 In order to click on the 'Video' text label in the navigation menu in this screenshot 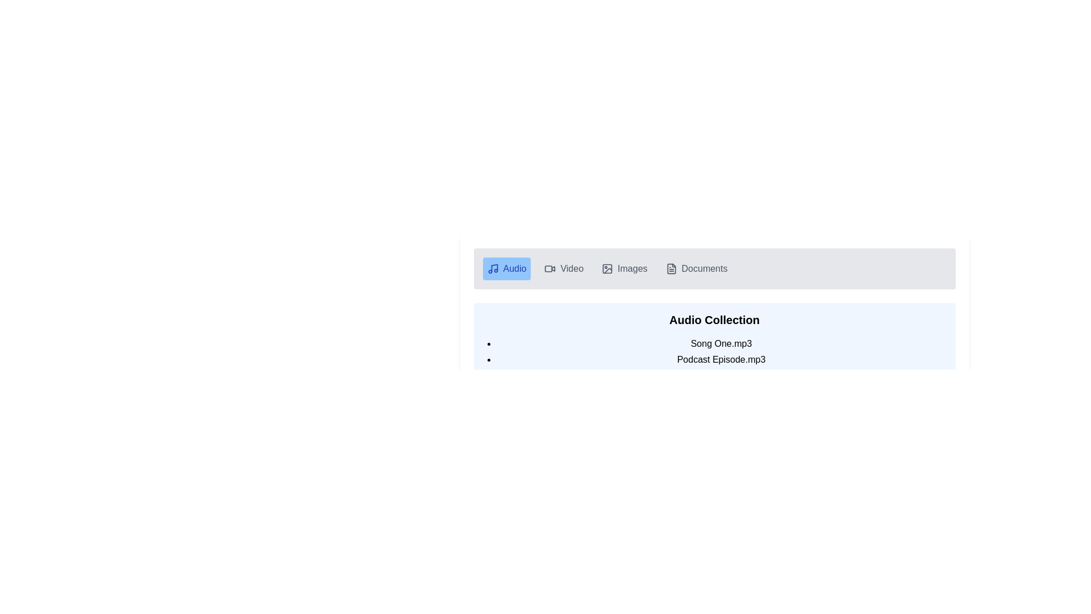, I will do `click(572, 269)`.